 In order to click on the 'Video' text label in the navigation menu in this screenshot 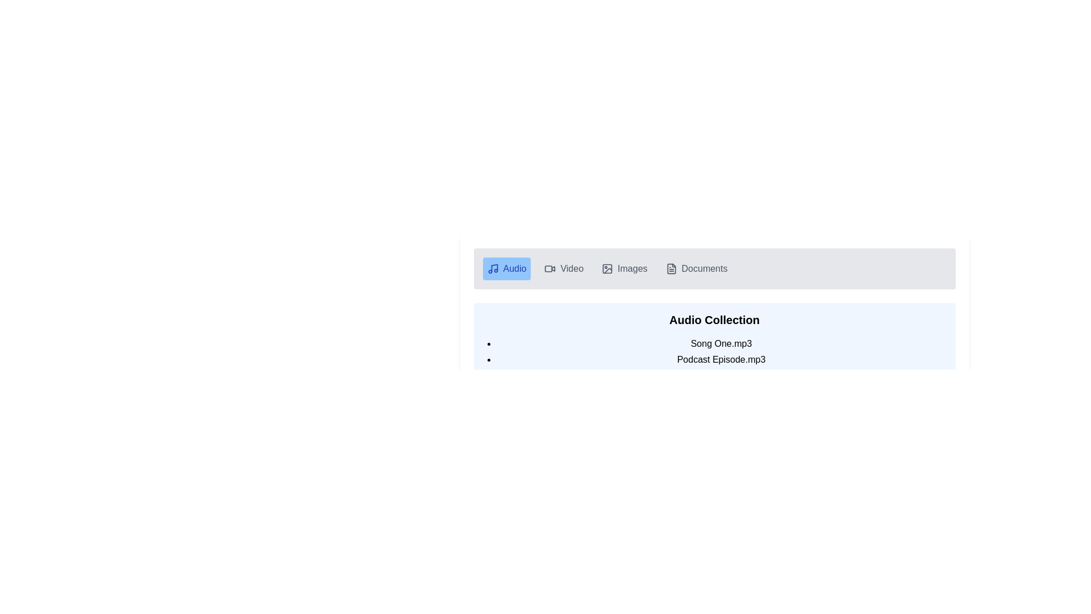, I will do `click(572, 269)`.